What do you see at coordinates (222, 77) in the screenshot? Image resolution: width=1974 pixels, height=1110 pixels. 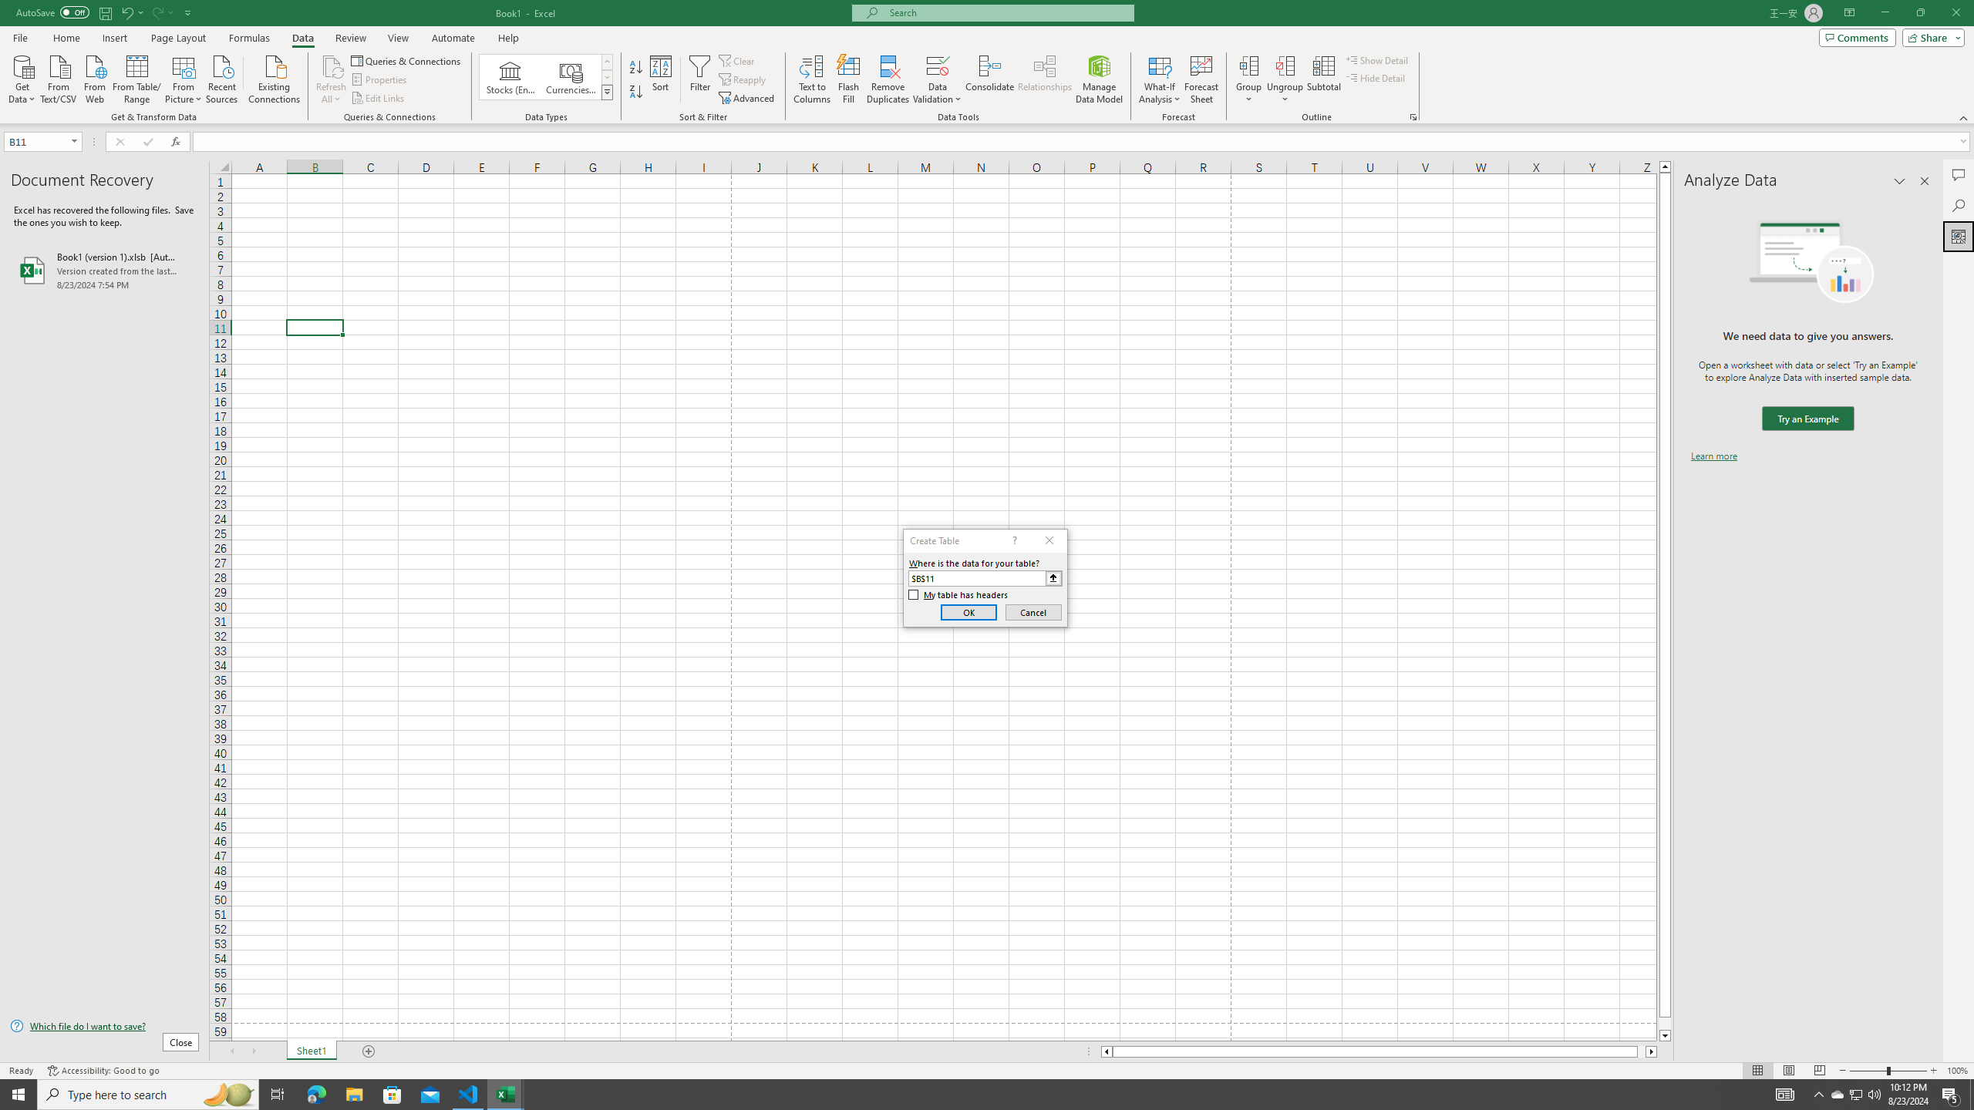 I see `'Recent Sources'` at bounding box center [222, 77].